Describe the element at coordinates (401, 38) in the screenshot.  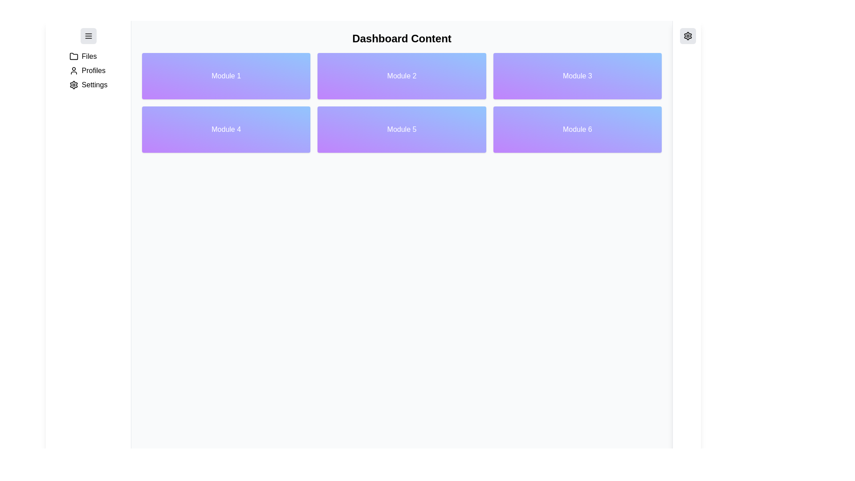
I see `header text displayed as 'Dashboard Content' at the top of the main content area` at that location.